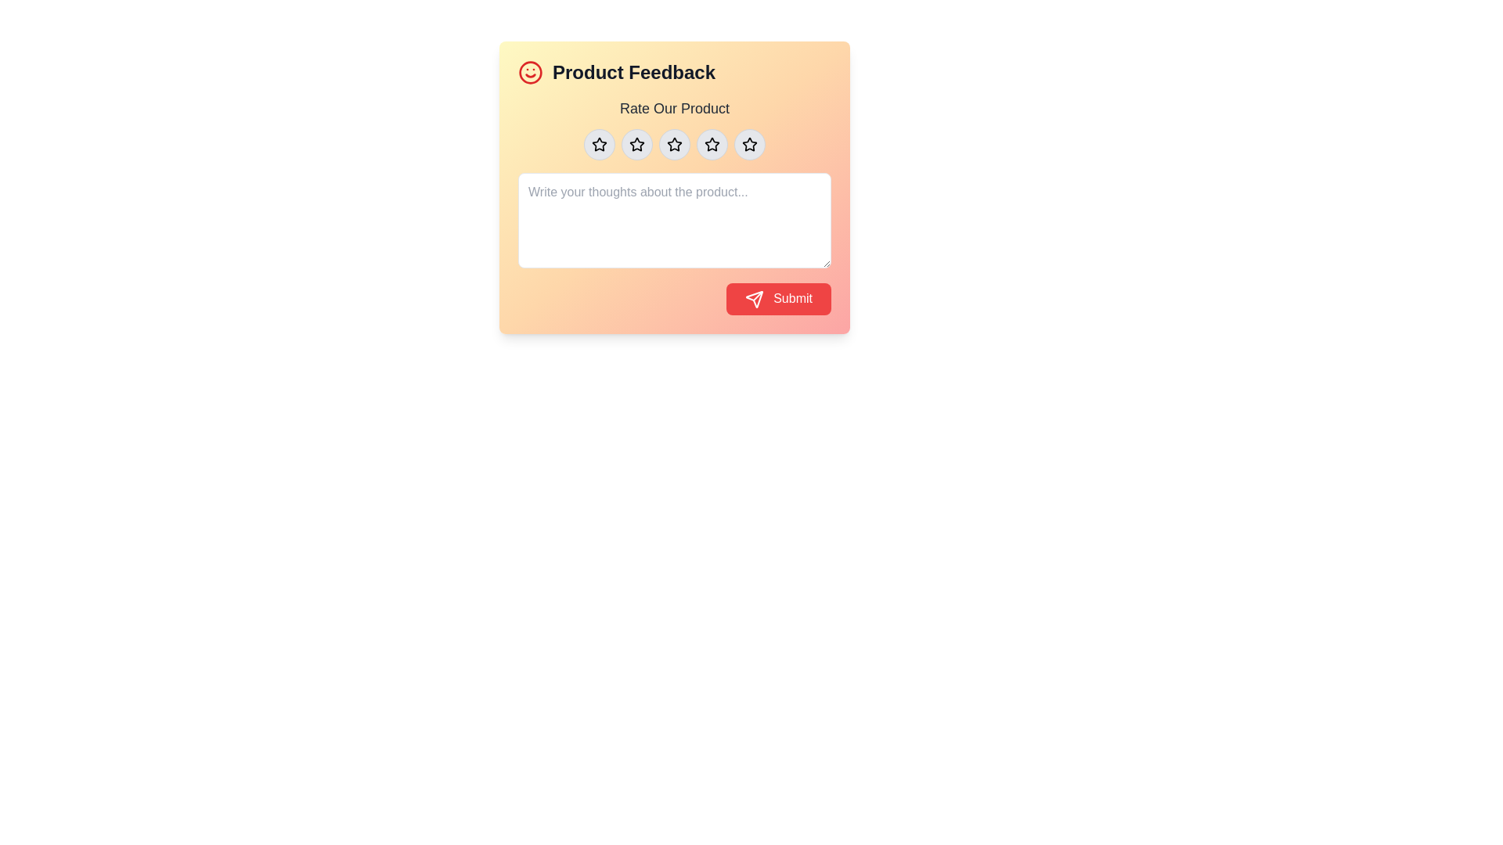 The width and height of the screenshot is (1503, 845). What do you see at coordinates (712, 144) in the screenshot?
I see `the fourth star icon in the 'Rate Our Product' section` at bounding box center [712, 144].